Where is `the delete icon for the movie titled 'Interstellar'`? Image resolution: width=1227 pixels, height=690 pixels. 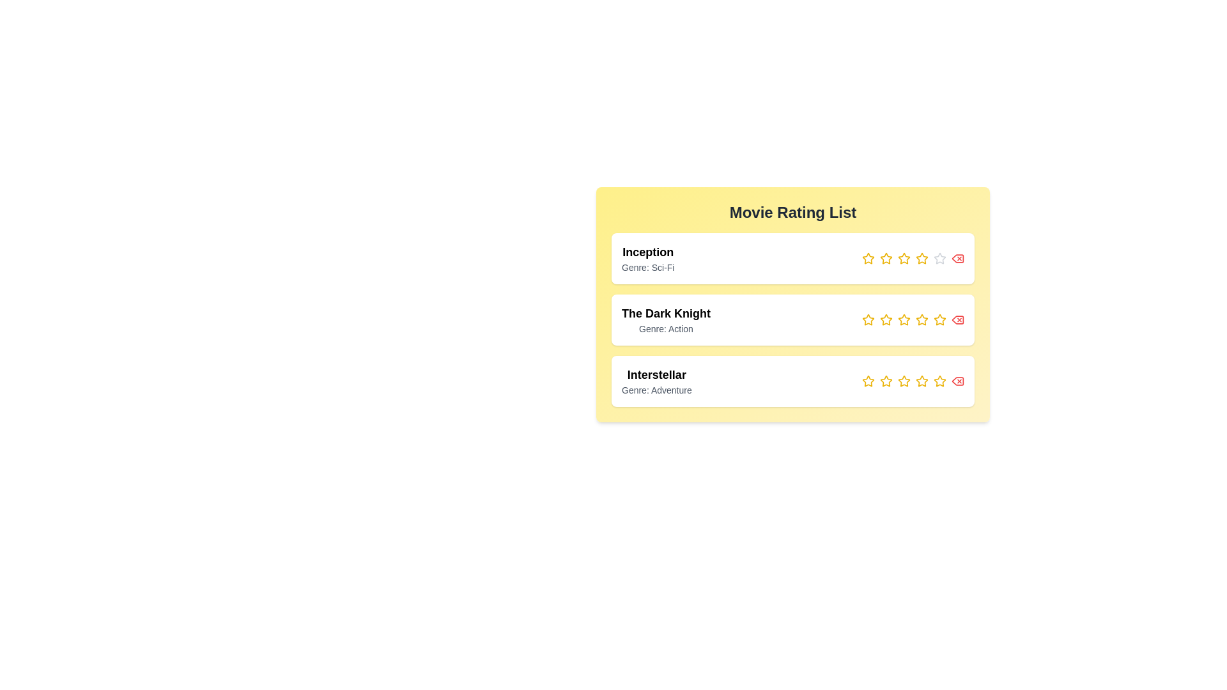 the delete icon for the movie titled 'Interstellar' is located at coordinates (957, 381).